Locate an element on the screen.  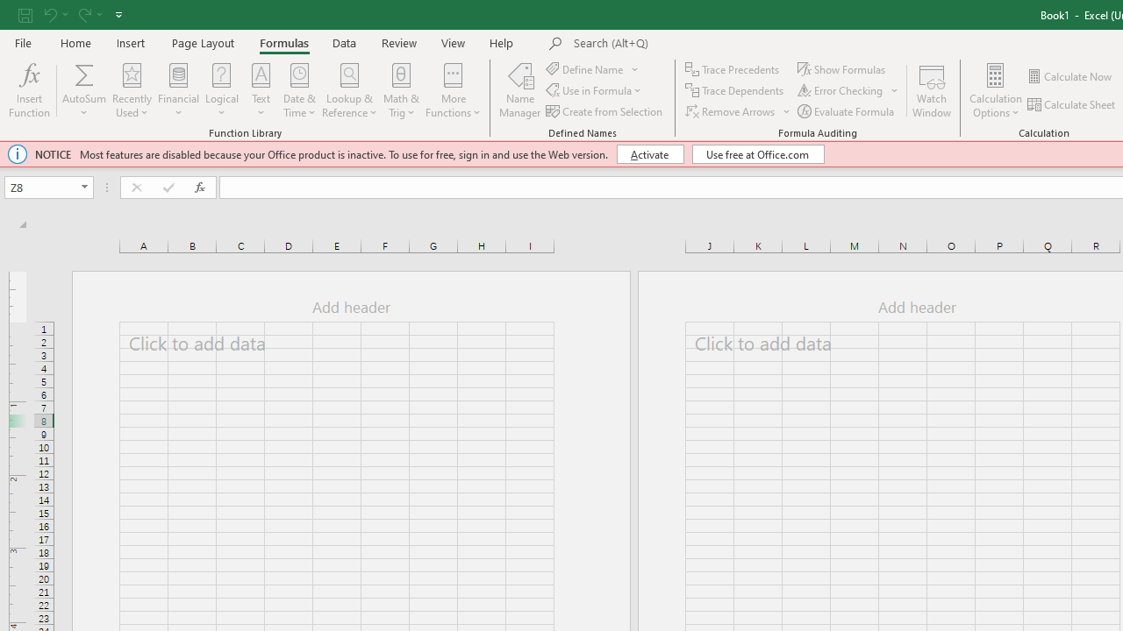
'Remove Arrows' is located at coordinates (739, 111).